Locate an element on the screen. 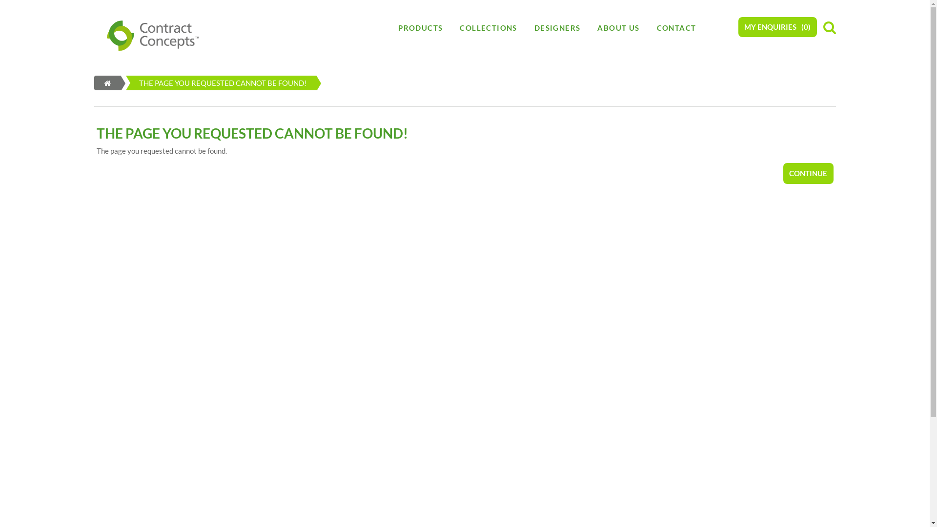 This screenshot has width=937, height=527. 'PRODUCTS' is located at coordinates (420, 27).